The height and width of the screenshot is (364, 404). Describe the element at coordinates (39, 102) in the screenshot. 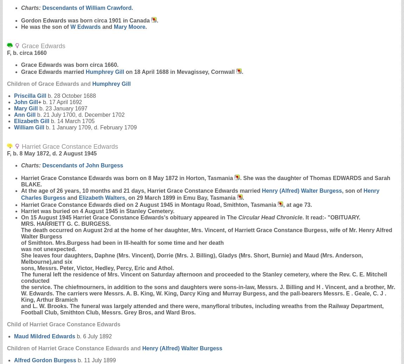

I see `'+'` at that location.